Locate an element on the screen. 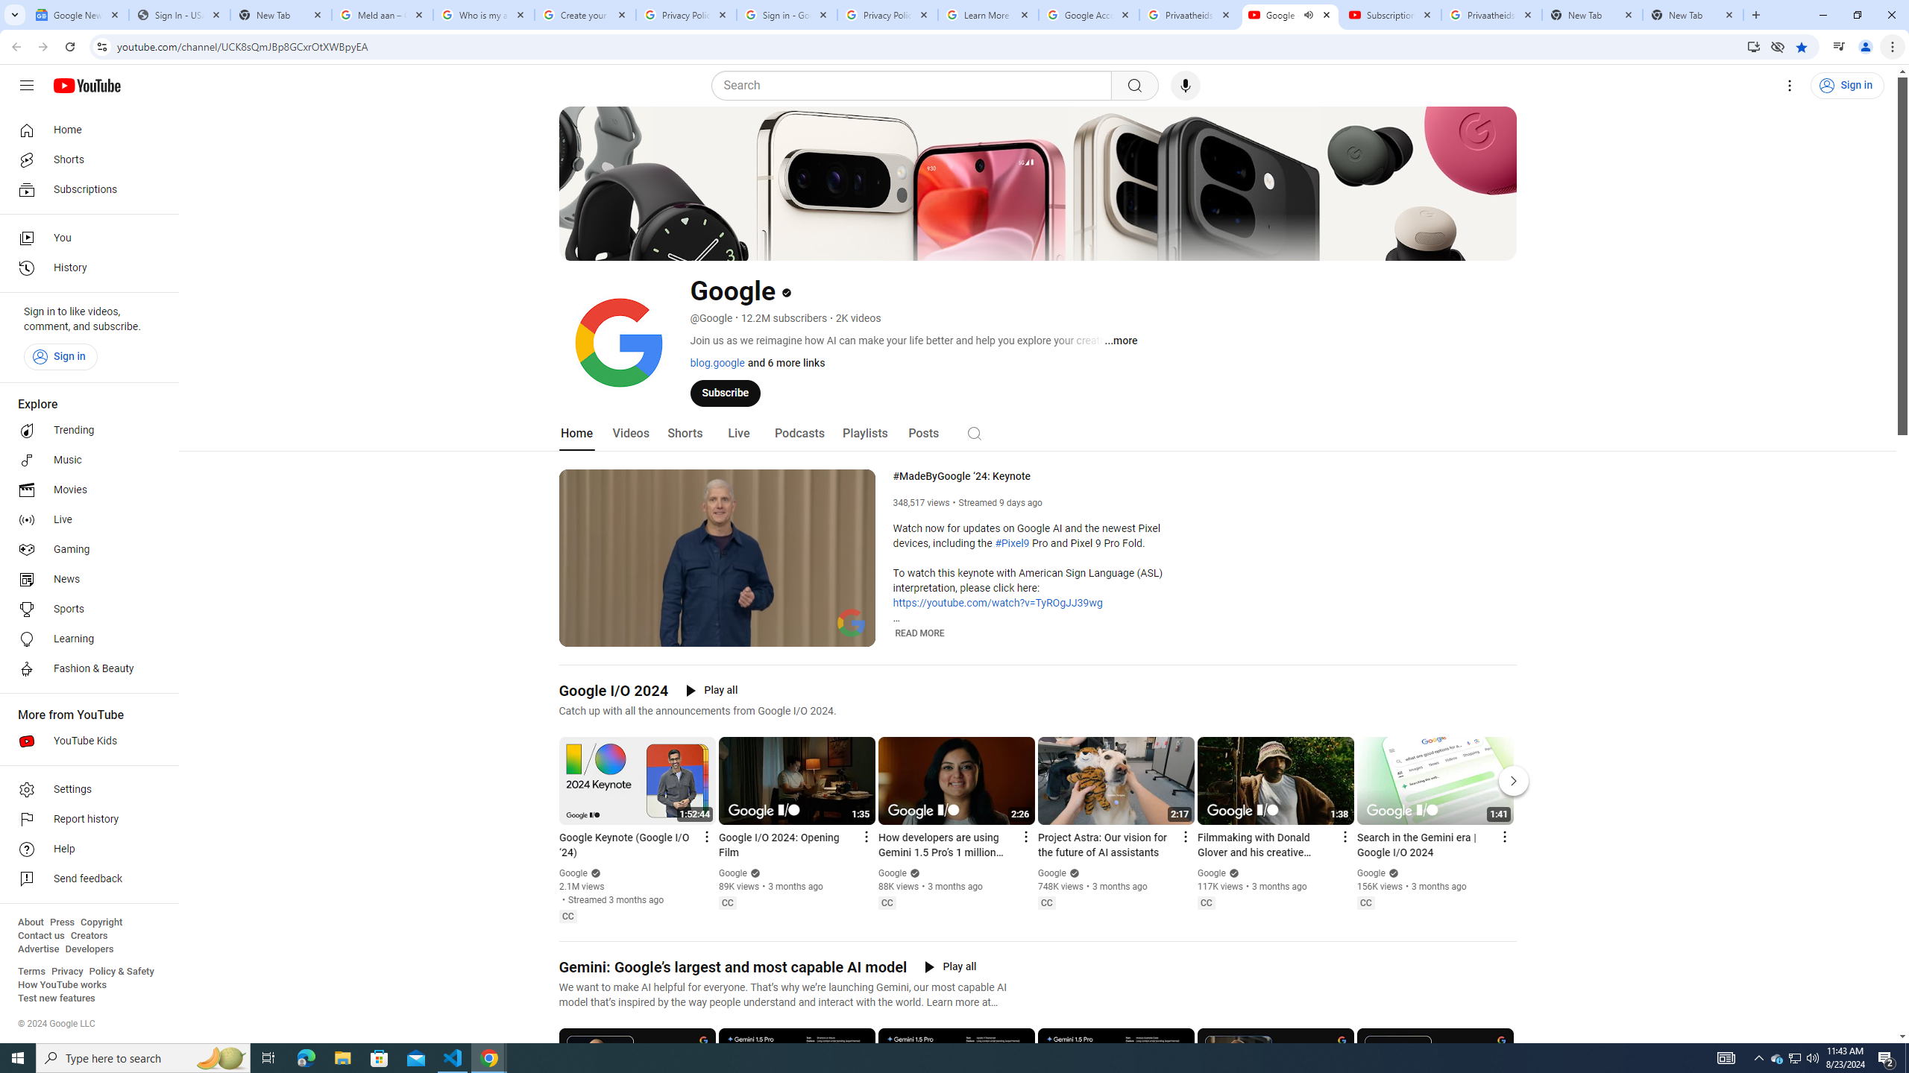 Image resolution: width=1909 pixels, height=1073 pixels. 'Subtitles/closed captions unavailable' is located at coordinates (799, 633).